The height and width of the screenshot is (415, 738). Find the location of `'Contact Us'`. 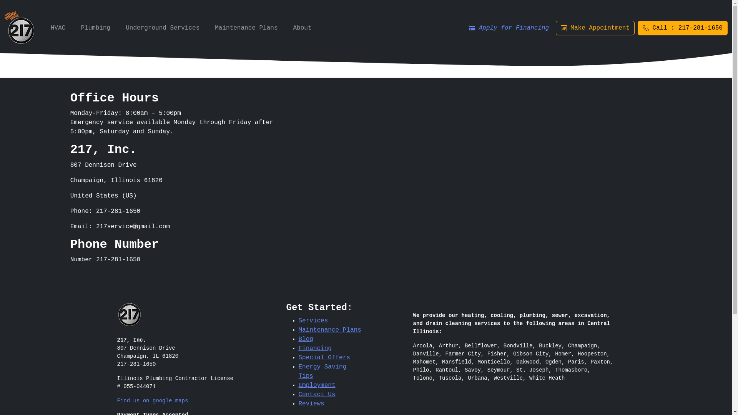

'Contact Us' is located at coordinates (317, 394).